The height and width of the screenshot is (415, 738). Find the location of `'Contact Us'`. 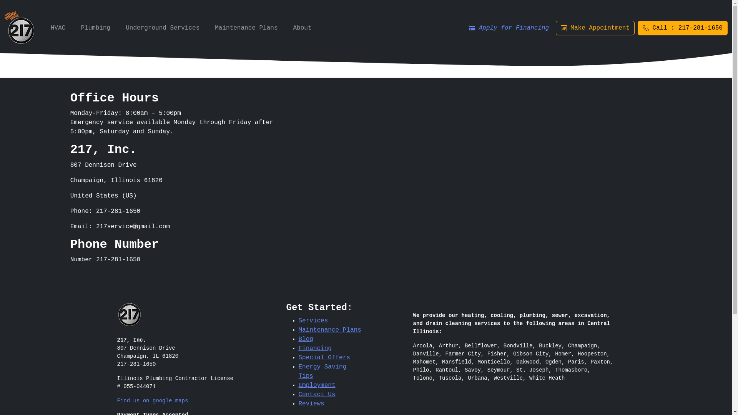

'Contact Us' is located at coordinates (317, 394).